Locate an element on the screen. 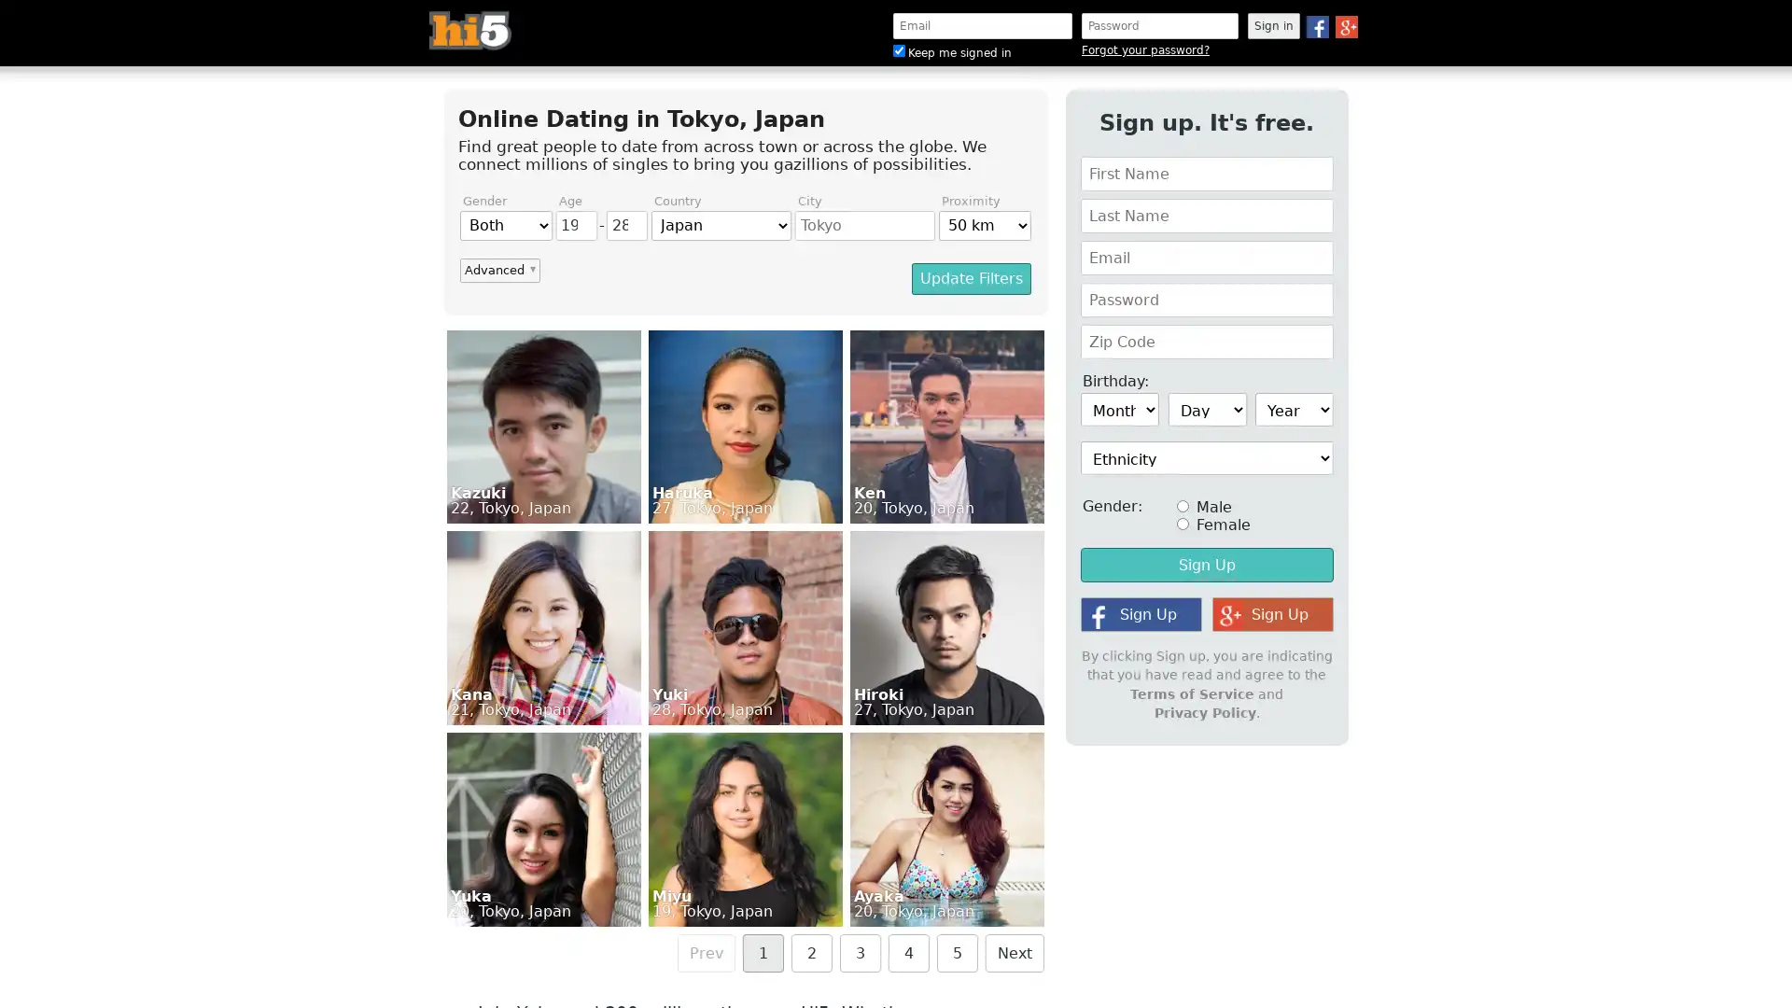 This screenshot has height=1008, width=1792. Sign in is located at coordinates (1272, 25).